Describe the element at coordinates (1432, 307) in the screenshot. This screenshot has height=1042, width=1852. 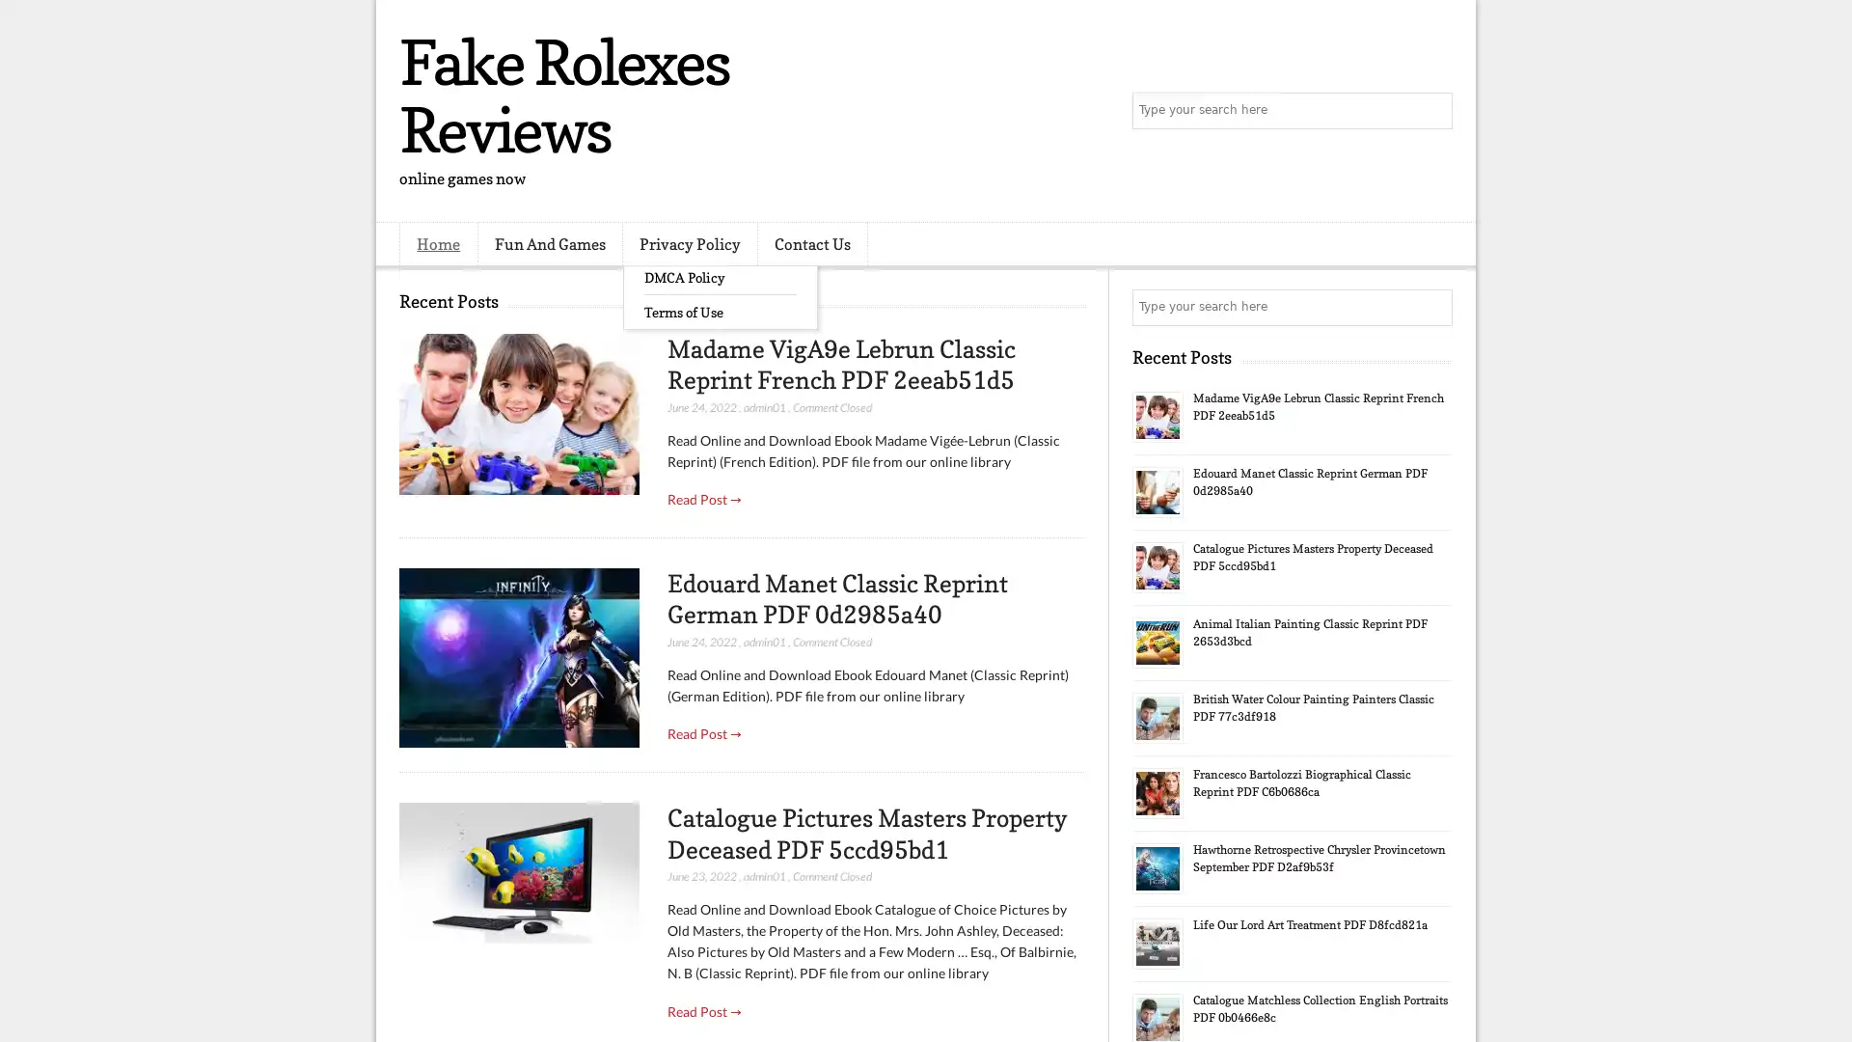
I see `Search` at that location.